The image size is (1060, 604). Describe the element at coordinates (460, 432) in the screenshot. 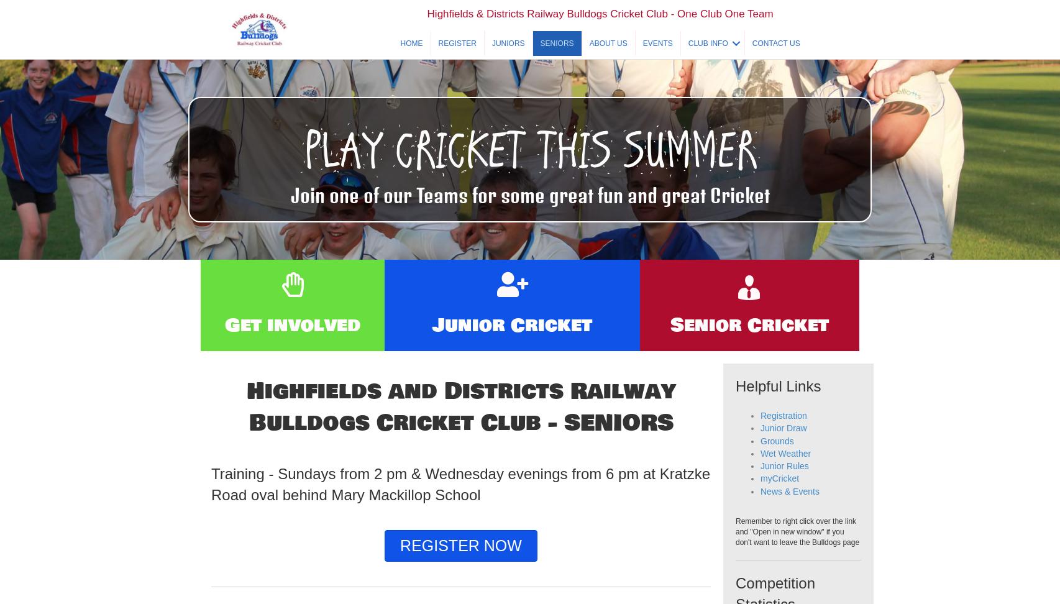

I see `'Highfields and Districts Railway Bulldogs Cricket Club - SENIORS'` at that location.